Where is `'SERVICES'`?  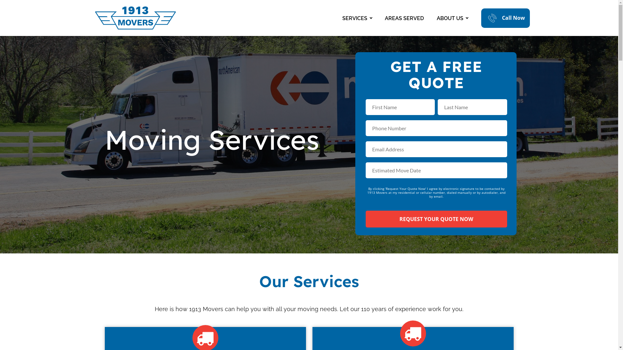
'SERVICES' is located at coordinates (357, 17).